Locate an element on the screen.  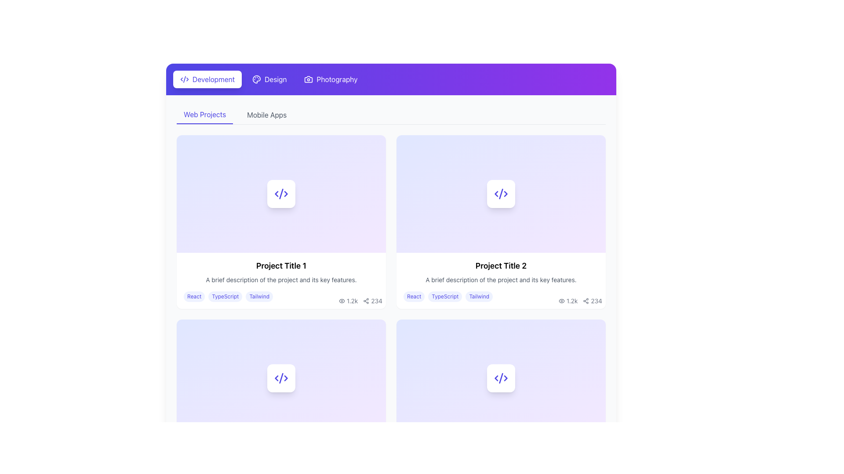
the 'like' or 'favorite' toggle button located in the top-right corner of the first project card is located at coordinates (375, 145).